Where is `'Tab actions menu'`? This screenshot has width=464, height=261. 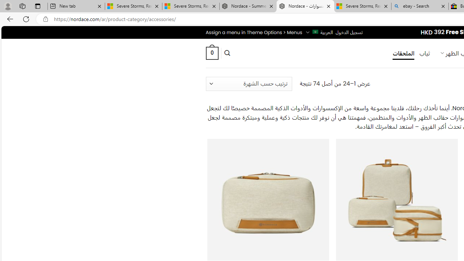
'Tab actions menu' is located at coordinates (37, 6).